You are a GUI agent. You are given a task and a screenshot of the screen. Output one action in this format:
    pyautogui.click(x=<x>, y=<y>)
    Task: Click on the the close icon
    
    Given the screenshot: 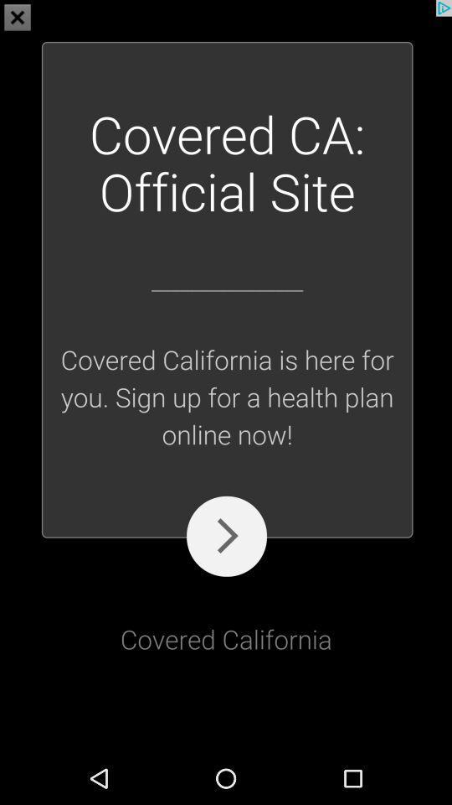 What is the action you would take?
    pyautogui.click(x=17, y=18)
    